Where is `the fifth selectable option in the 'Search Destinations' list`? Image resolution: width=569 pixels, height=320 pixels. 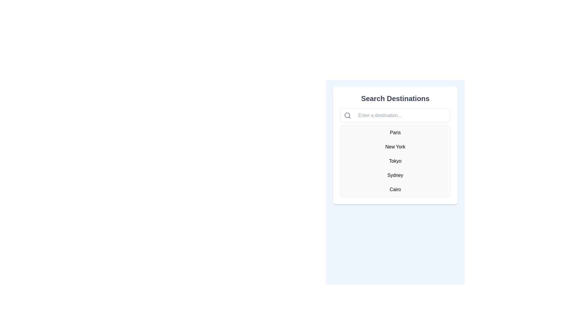
the fifth selectable option in the 'Search Destinations' list is located at coordinates (395, 190).